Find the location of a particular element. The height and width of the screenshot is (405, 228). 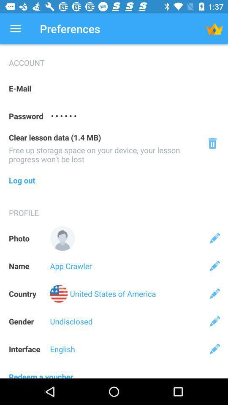

the edit icon is located at coordinates (214, 321).